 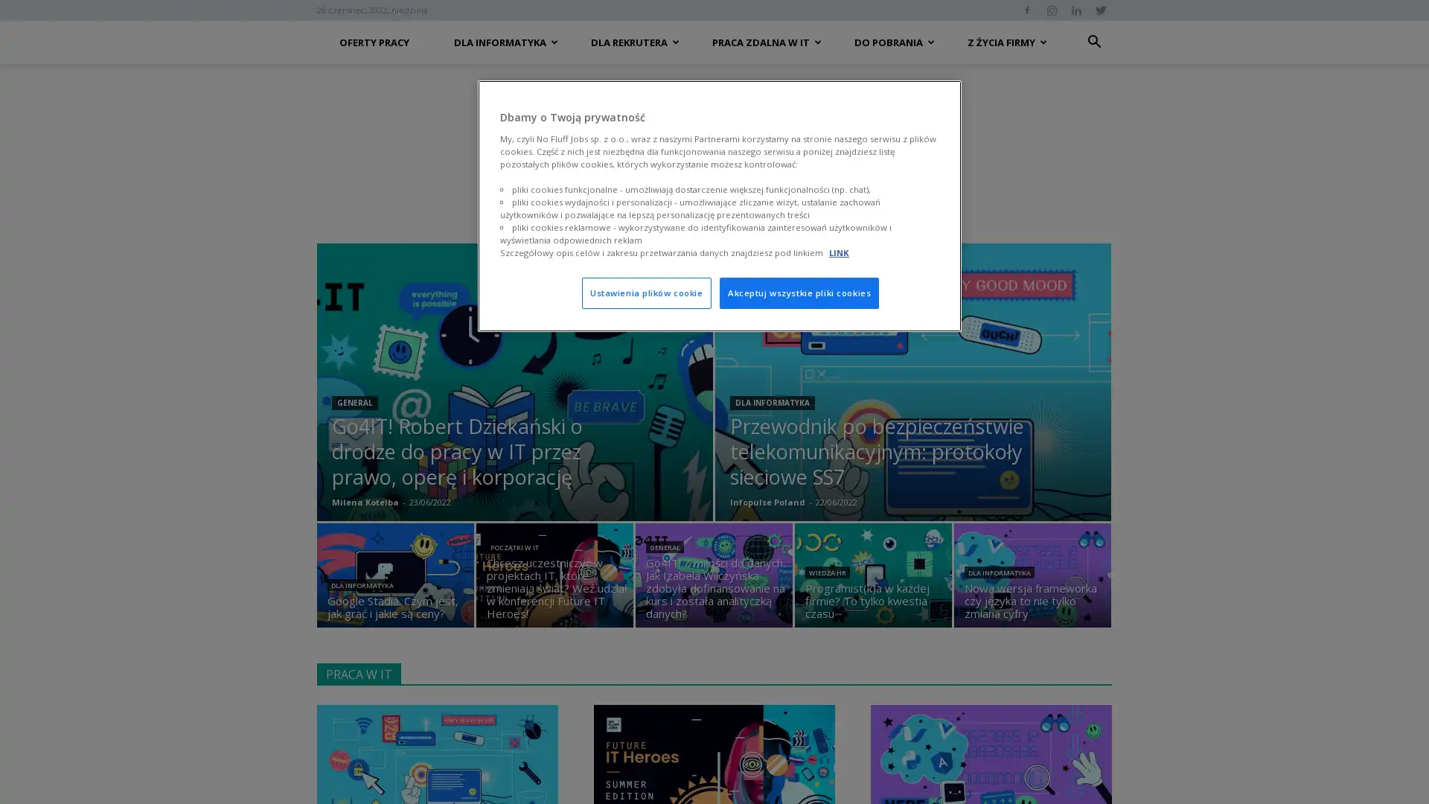 What do you see at coordinates (646, 293) in the screenshot?
I see `Ustawienia plikow cookie` at bounding box center [646, 293].